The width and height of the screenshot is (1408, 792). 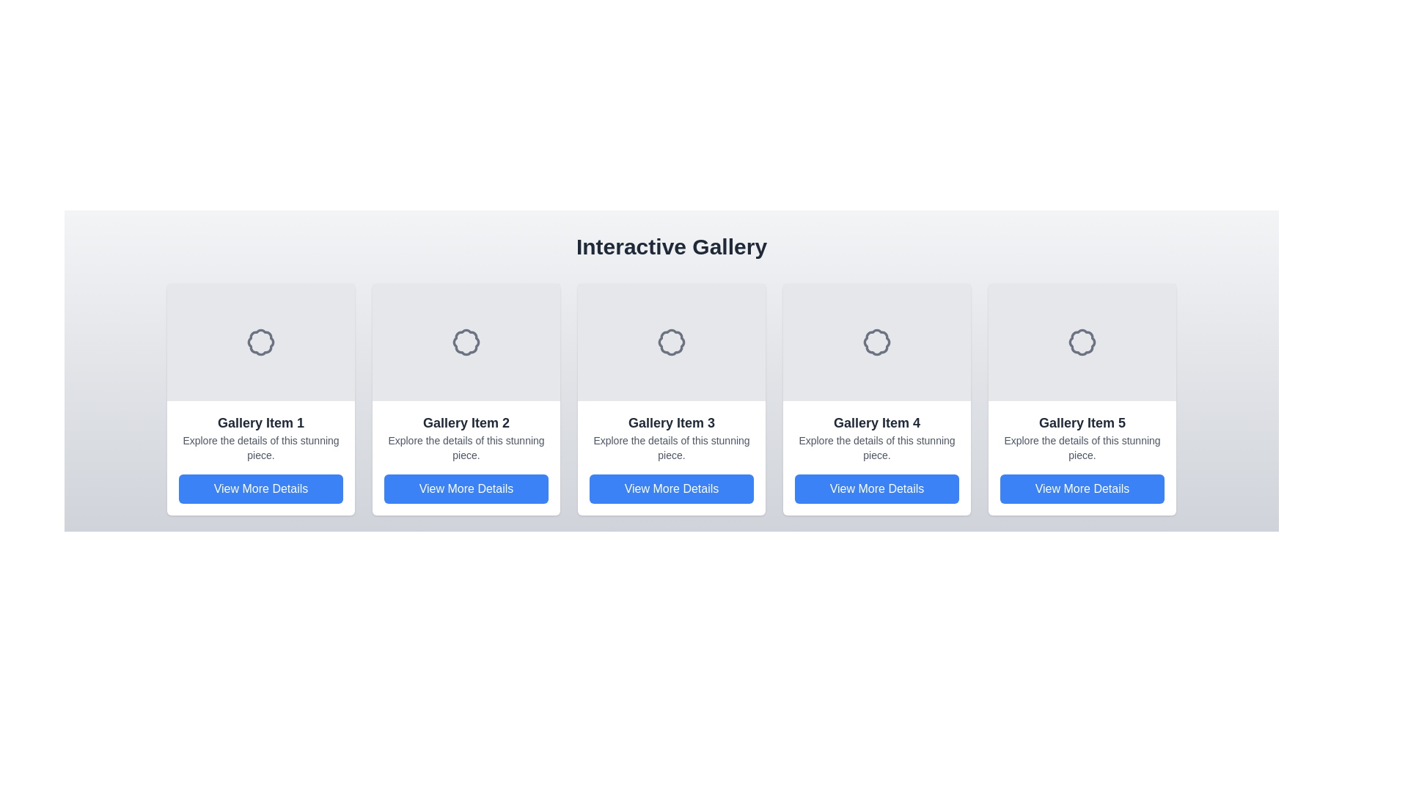 What do you see at coordinates (260, 342) in the screenshot?
I see `the Decorative graphical element or badge icon located in the top section of the card titled 'Gallery Item 1', which has a light gray background and a badge icon centered within it` at bounding box center [260, 342].